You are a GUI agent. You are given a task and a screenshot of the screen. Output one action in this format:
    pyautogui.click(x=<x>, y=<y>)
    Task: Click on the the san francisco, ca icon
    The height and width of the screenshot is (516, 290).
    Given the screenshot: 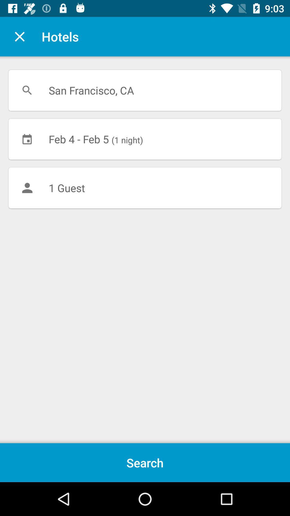 What is the action you would take?
    pyautogui.click(x=145, y=90)
    